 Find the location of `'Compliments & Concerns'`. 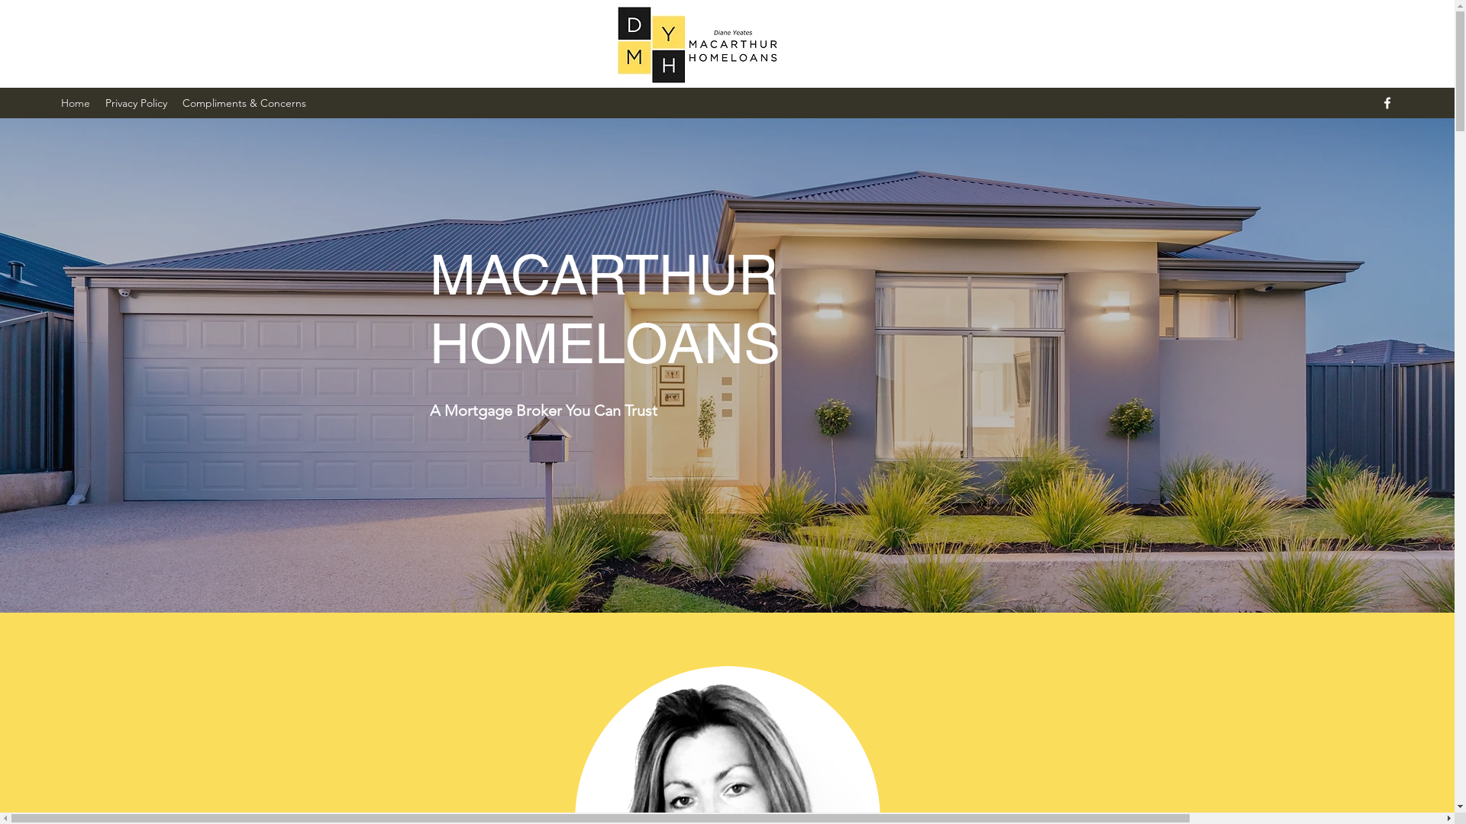

'Compliments & Concerns' is located at coordinates (244, 103).